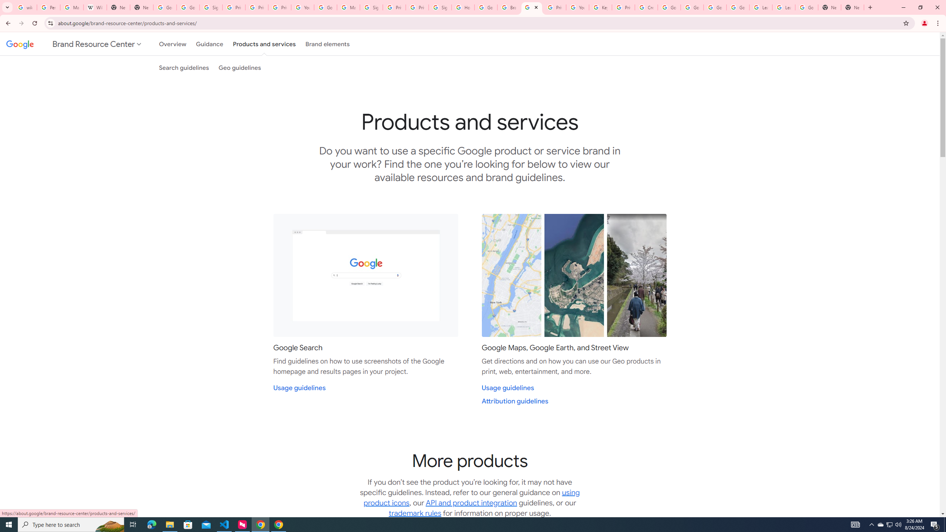  What do you see at coordinates (515, 401) in the screenshot?
I see `'Attribution guidelines'` at bounding box center [515, 401].